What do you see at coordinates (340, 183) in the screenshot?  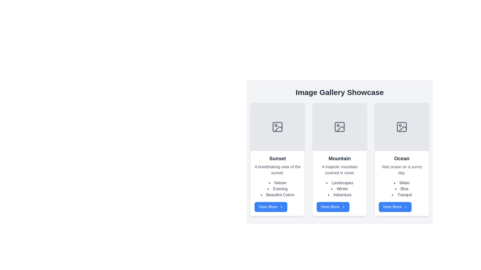 I see `text content of the 'Landscapes' label, which is the first item in the bulleted list under the 'Mountain' section of the card interface` at bounding box center [340, 183].